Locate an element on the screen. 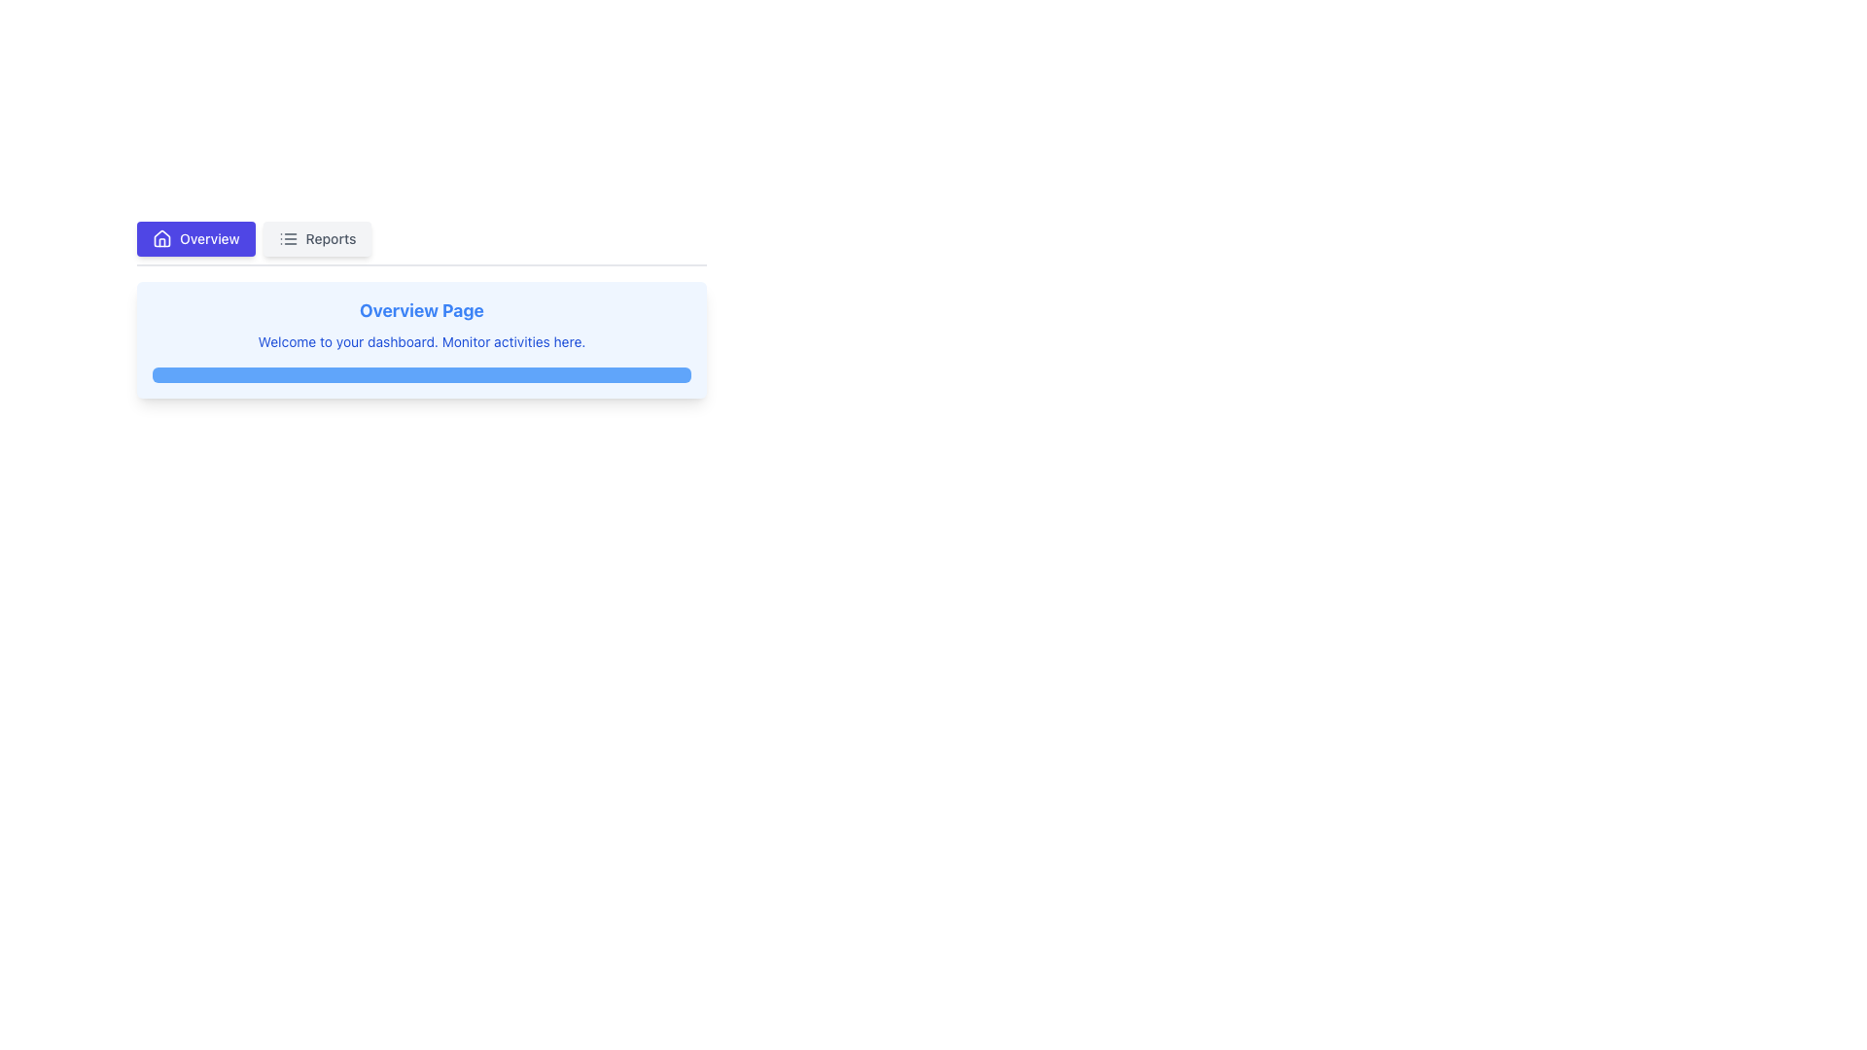 The image size is (1867, 1050). the progress bar located at the bottom of the light blue card titled 'Overview Page', which contains a description 'Welcome to your dashboard. Monitor activities here.' is located at coordinates (420, 374).